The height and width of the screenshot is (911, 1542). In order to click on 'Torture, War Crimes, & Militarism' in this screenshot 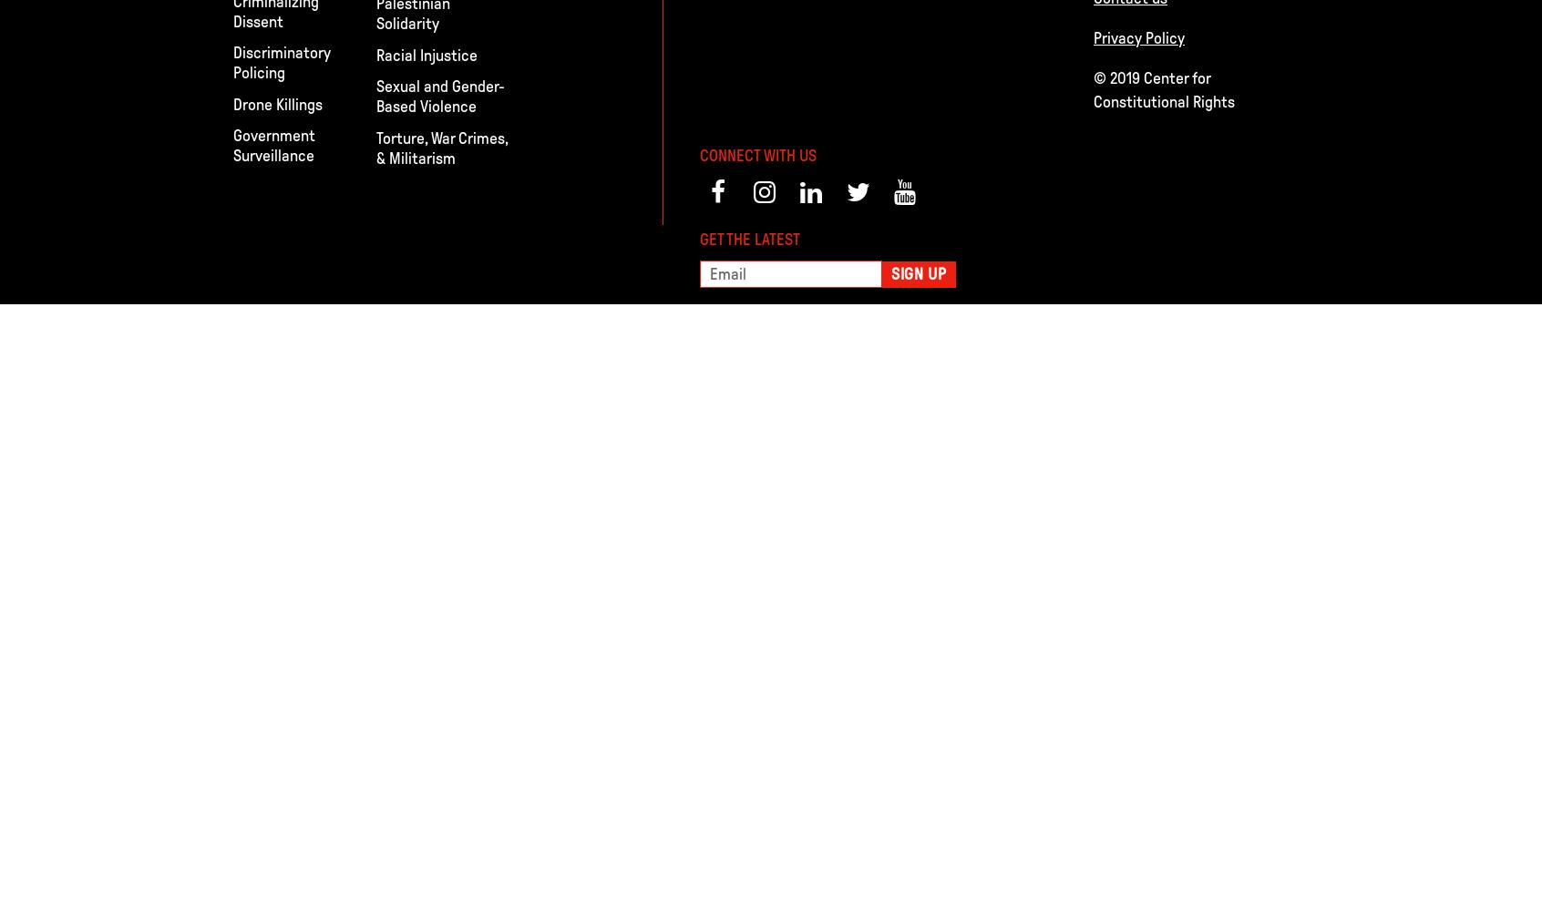, I will do `click(440, 148)`.